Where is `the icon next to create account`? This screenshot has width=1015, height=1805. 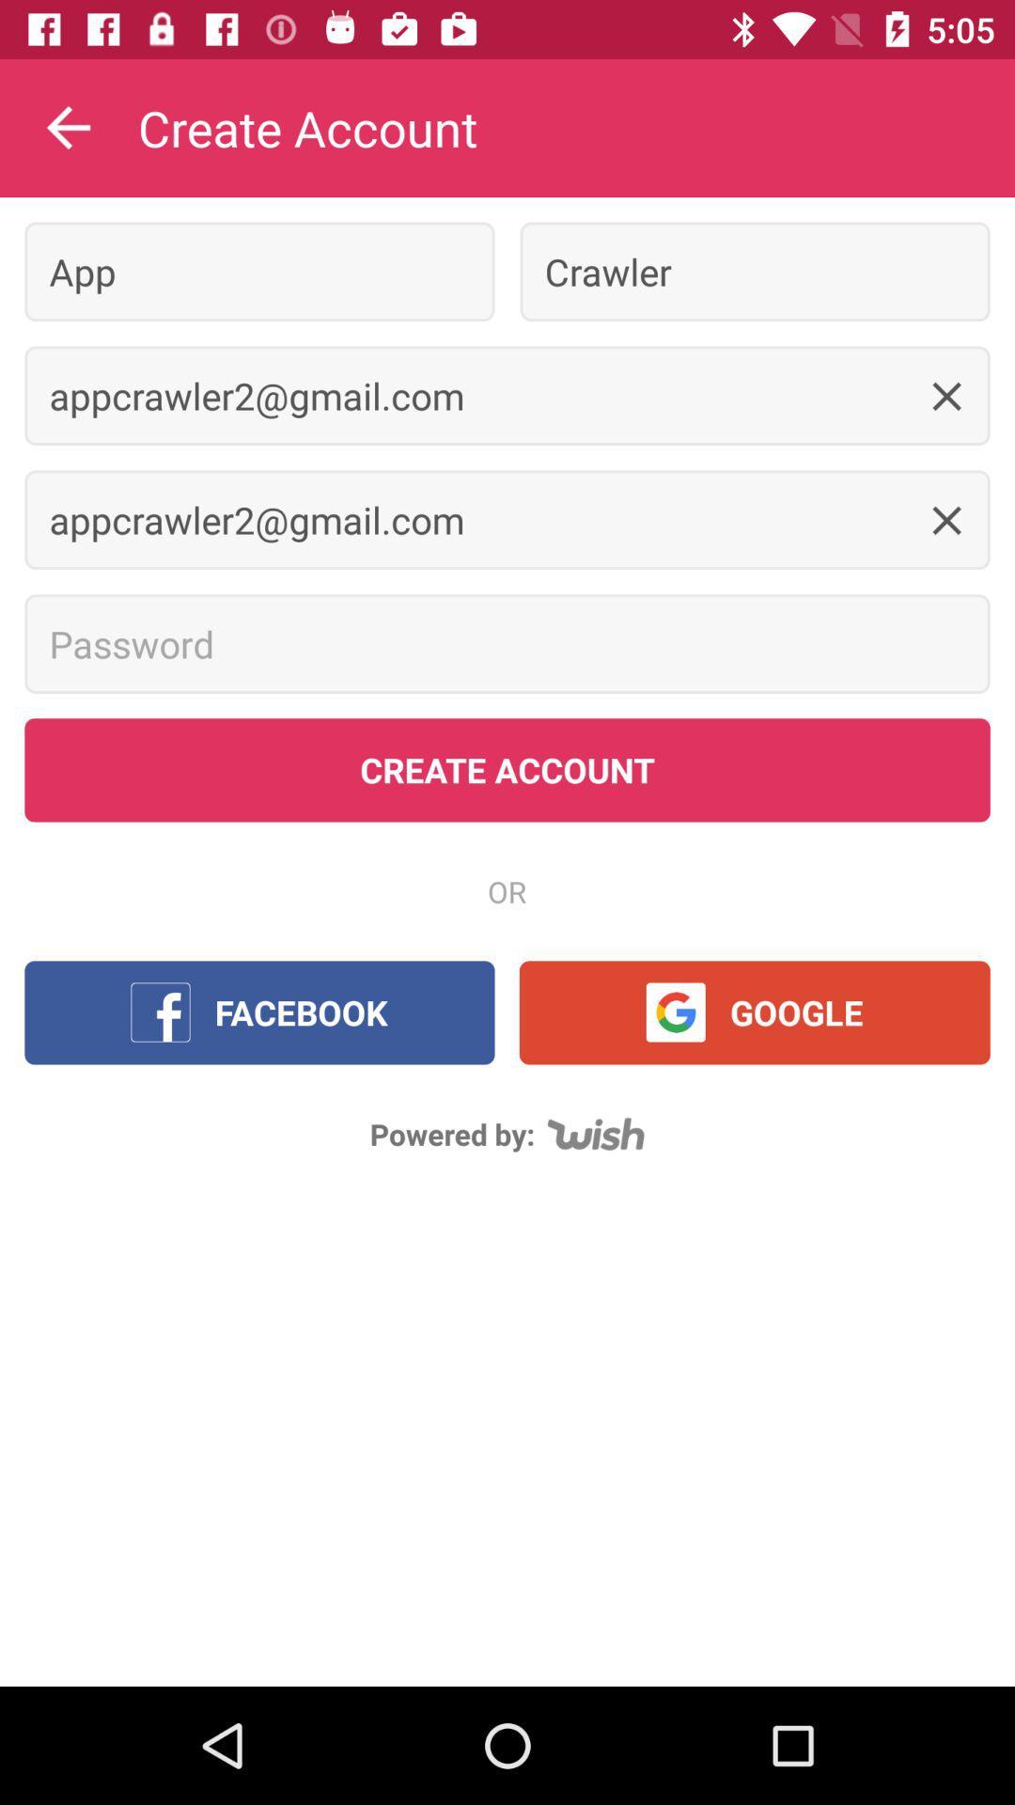
the icon next to create account is located at coordinates (68, 127).